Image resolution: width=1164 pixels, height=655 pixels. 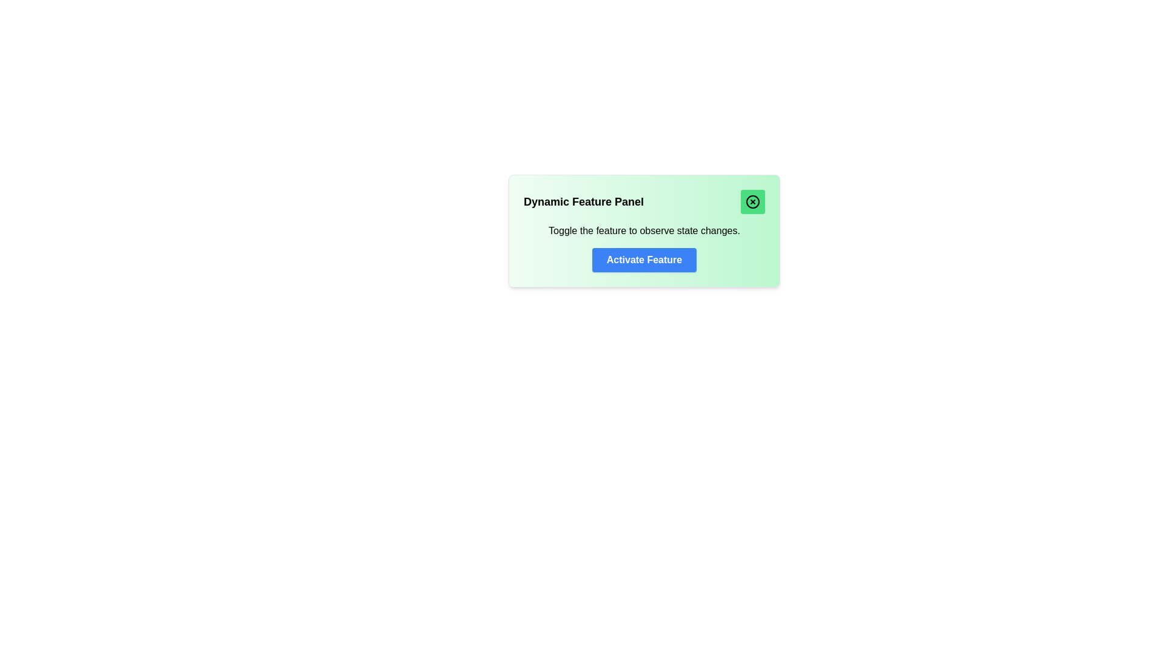 I want to click on the 'Dynamic Feature Panel' to understand the feature purpose, so click(x=643, y=231).